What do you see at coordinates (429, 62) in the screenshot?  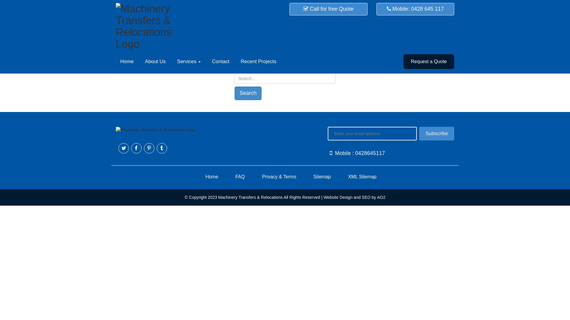 I see `'Request a Quote'` at bounding box center [429, 62].